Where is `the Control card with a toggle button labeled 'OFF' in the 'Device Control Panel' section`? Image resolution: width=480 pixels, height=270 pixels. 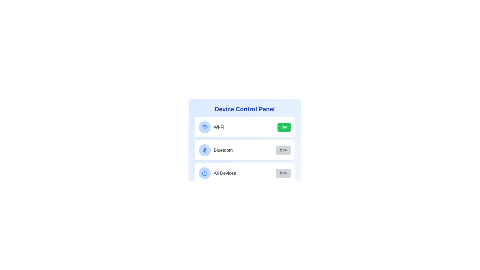 the Control card with a toggle button labeled 'OFF' in the 'Device Control Panel' section is located at coordinates (245, 173).